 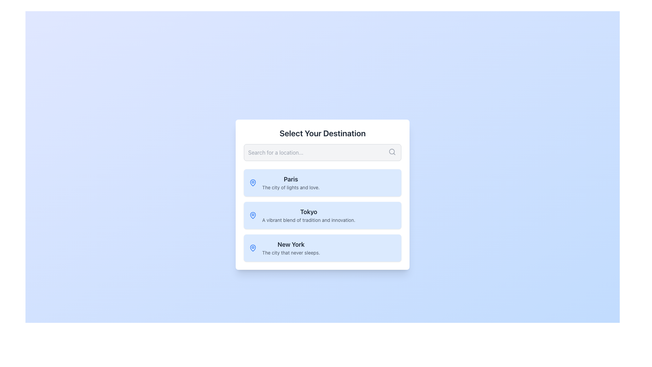 I want to click on the visual identifier icon for 'Tokyo' located to the left of the text heading 'Tokyo' in the list of destinations, so click(x=252, y=215).